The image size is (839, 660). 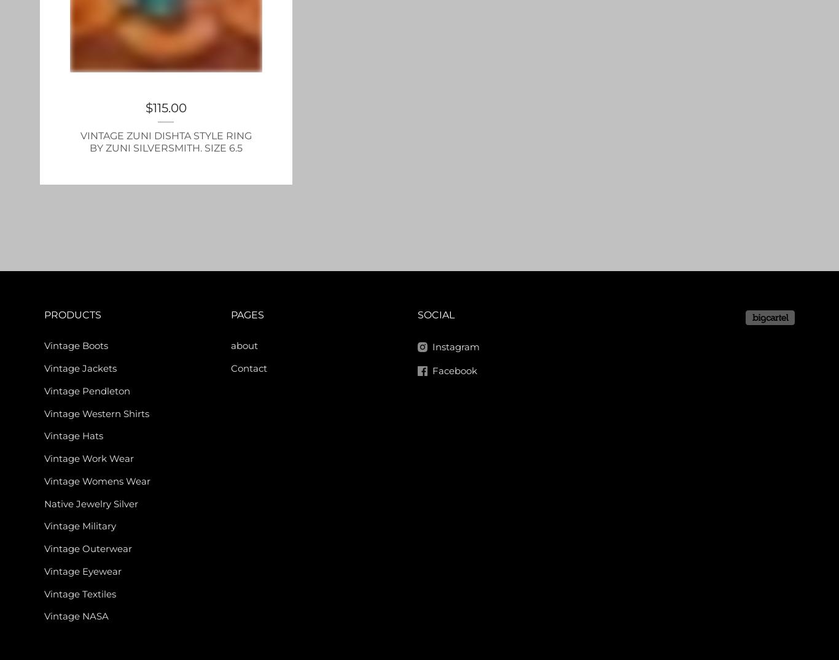 What do you see at coordinates (79, 368) in the screenshot?
I see `'Vintage Jackets'` at bounding box center [79, 368].